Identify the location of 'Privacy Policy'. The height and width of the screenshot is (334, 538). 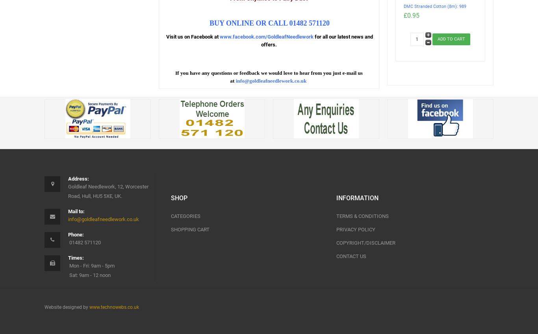
(336, 229).